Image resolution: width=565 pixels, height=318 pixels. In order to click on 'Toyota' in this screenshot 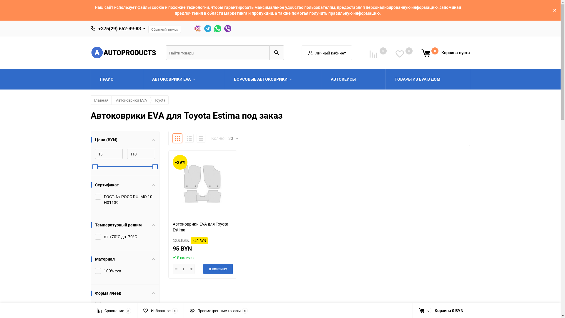, I will do `click(159, 100)`.